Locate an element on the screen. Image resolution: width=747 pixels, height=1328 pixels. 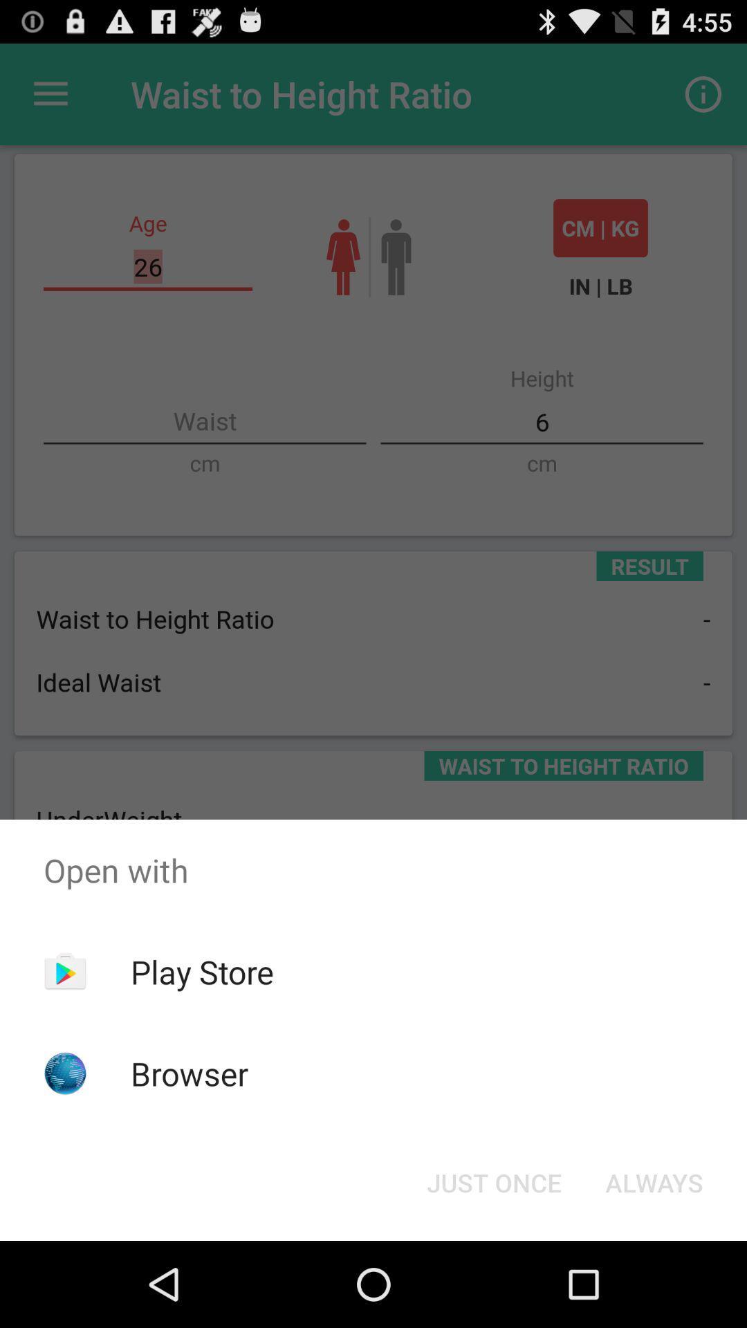
the app below open with item is located at coordinates (493, 1181).